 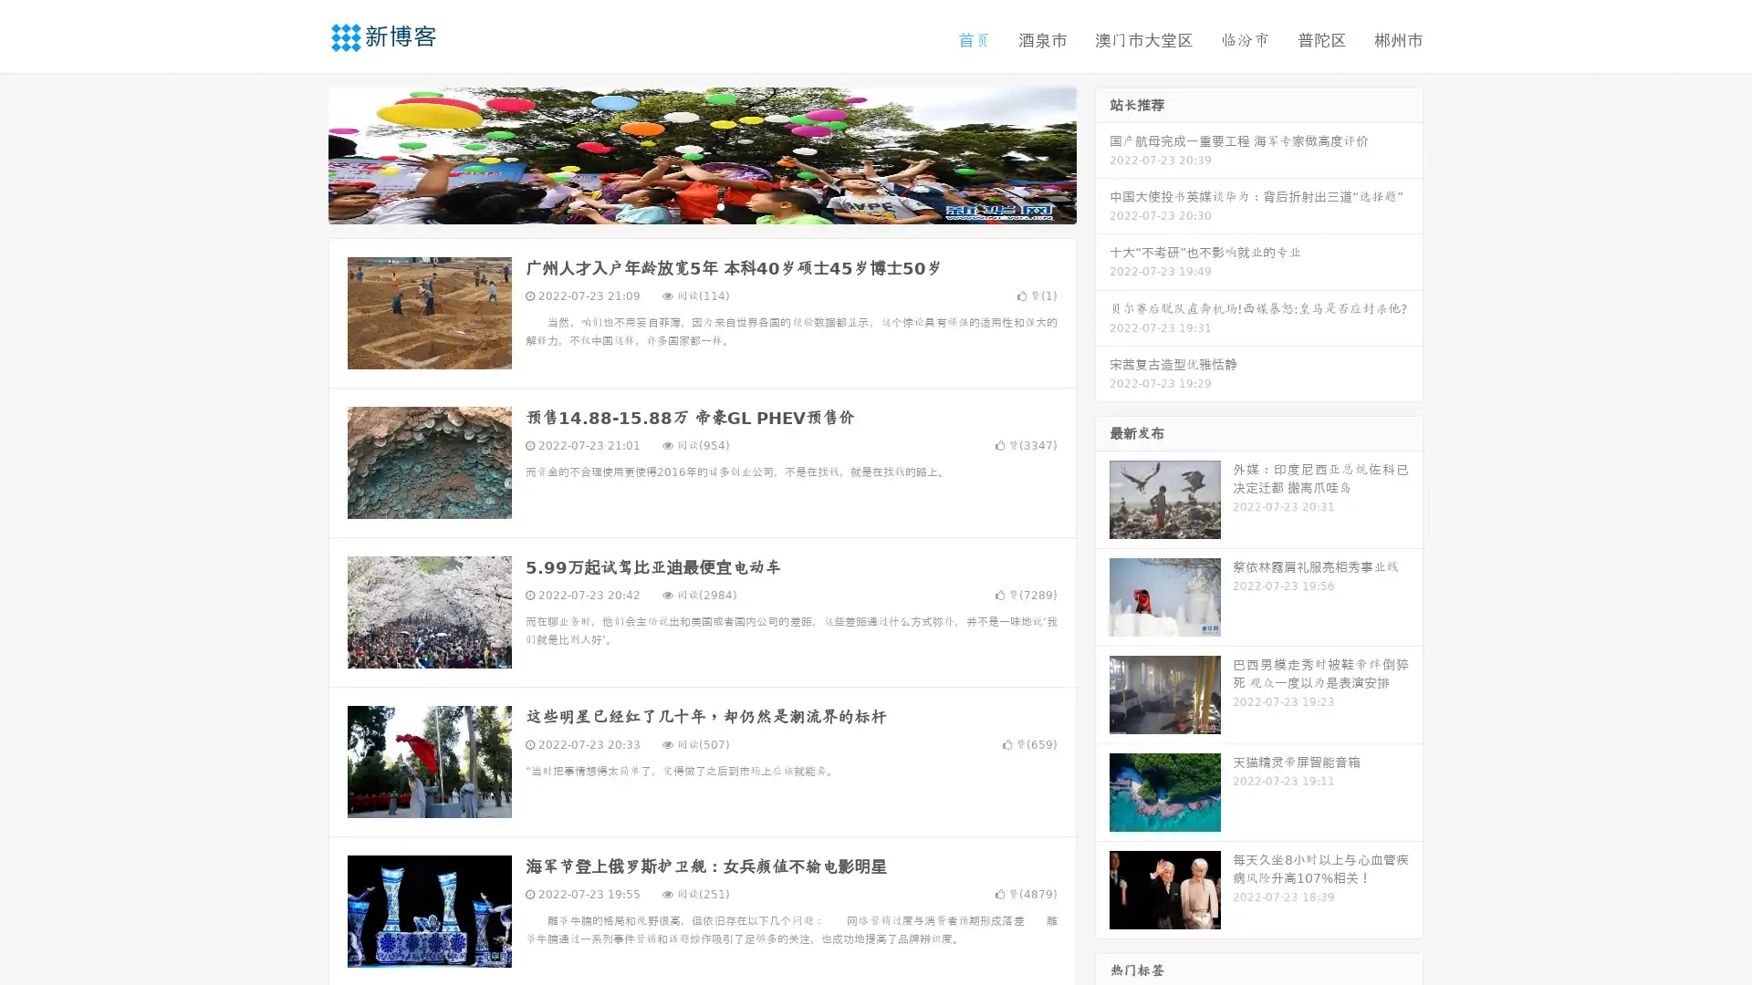 What do you see at coordinates (1102, 153) in the screenshot?
I see `Next slide` at bounding box center [1102, 153].